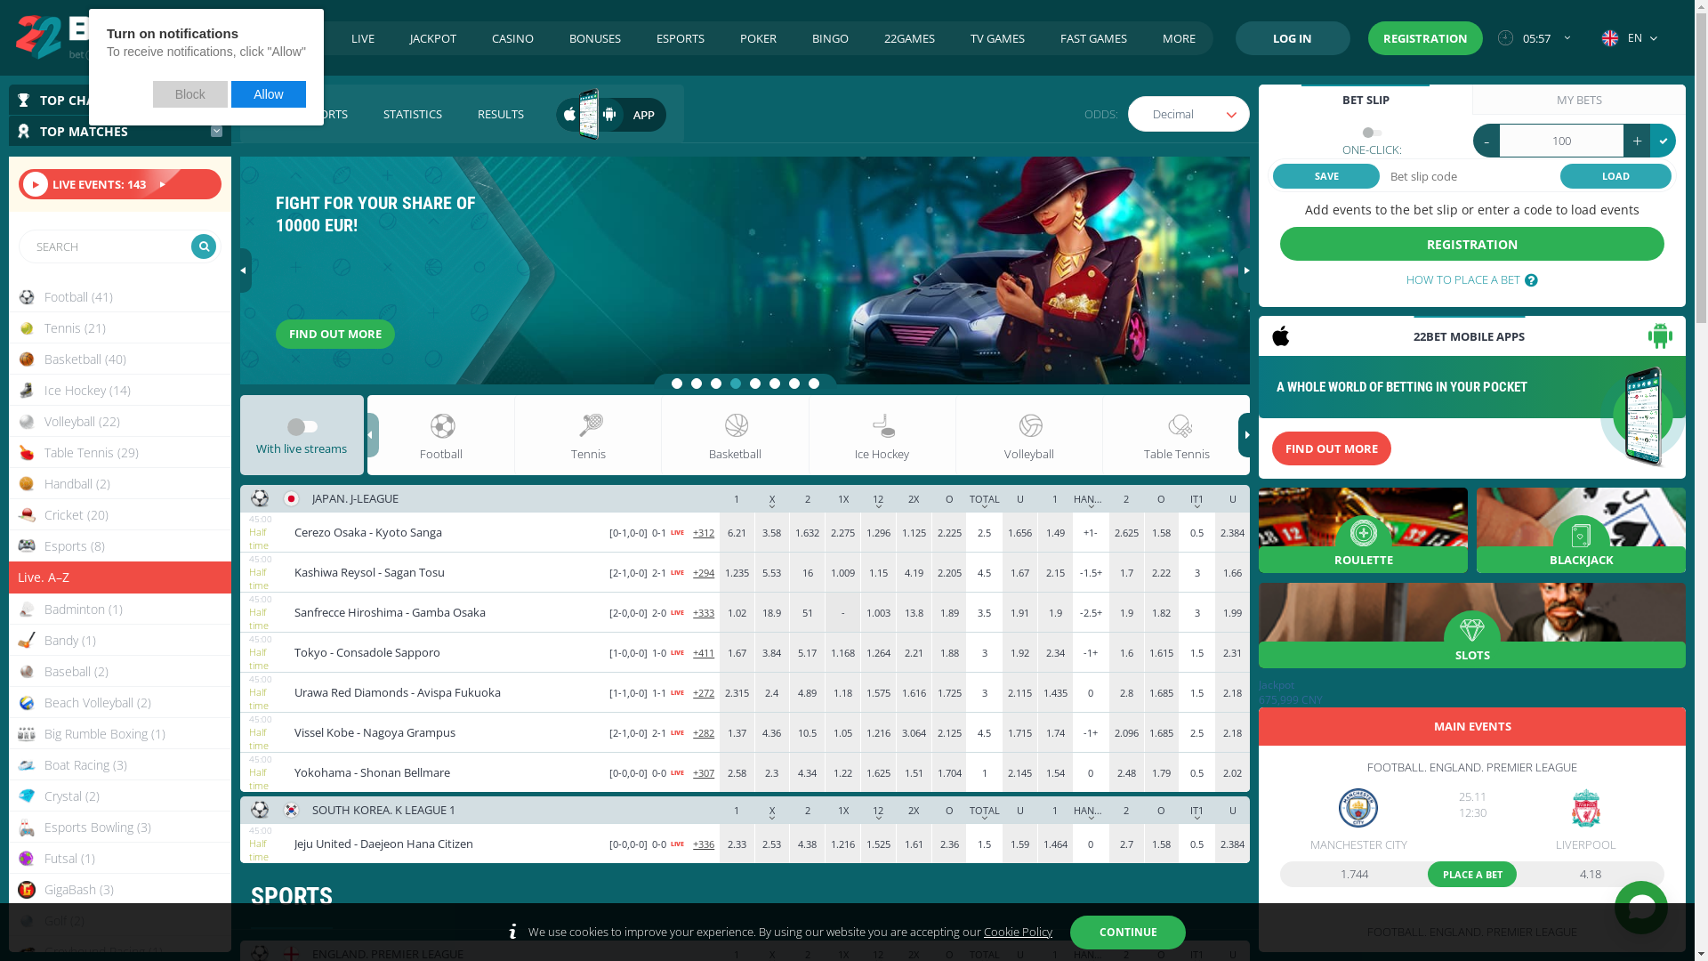  I want to click on 'STATISTICS', so click(412, 113).